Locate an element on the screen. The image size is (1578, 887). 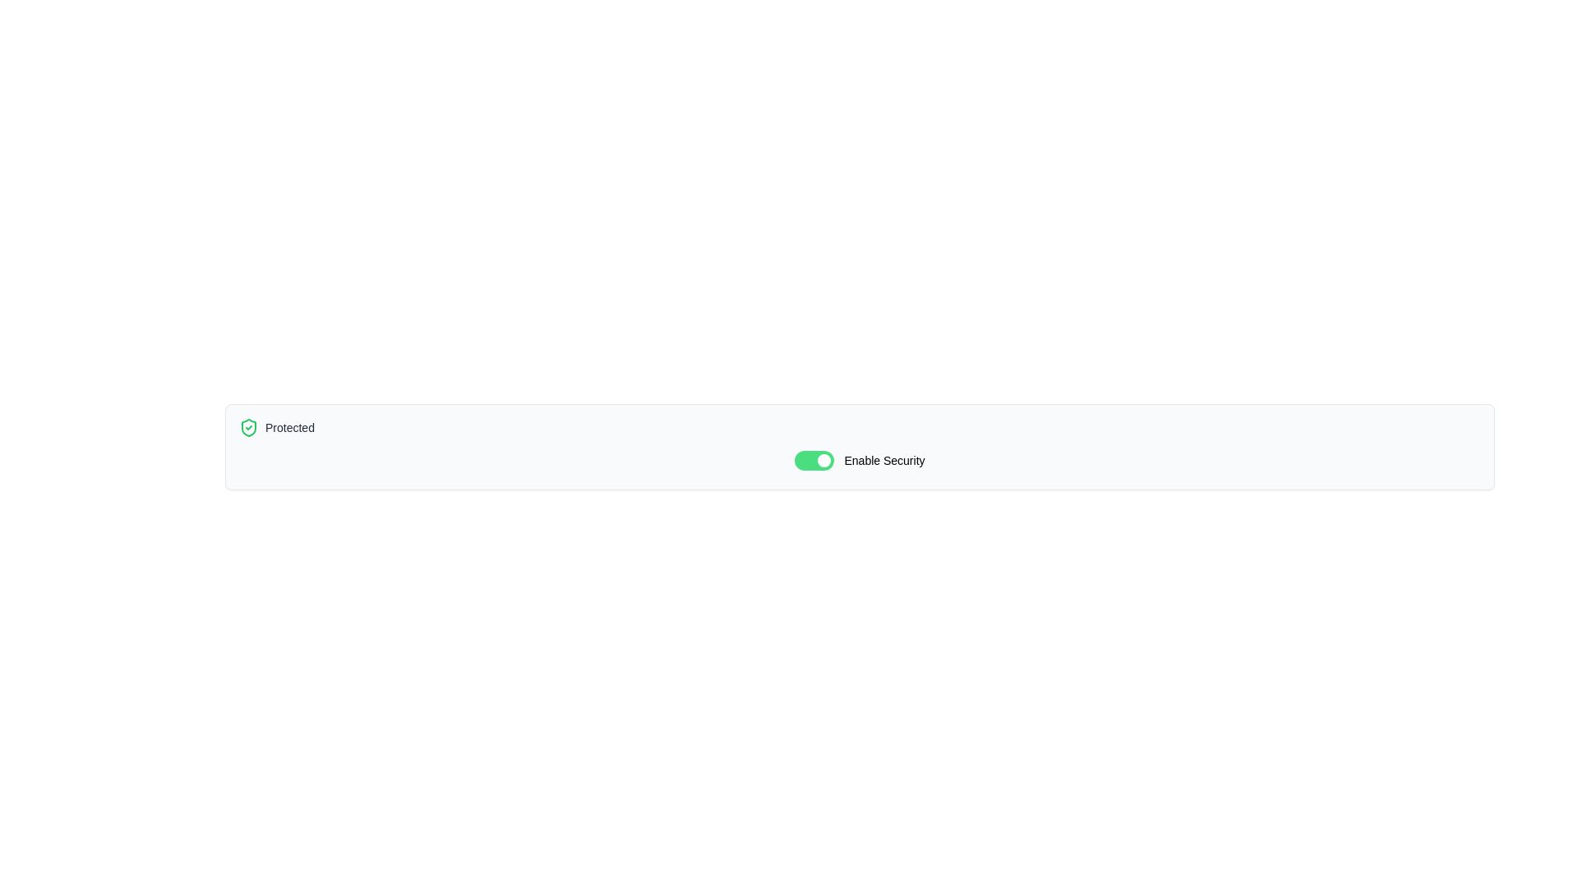
text label that displays 'Protected', located adjacent to a green shield icon in the upper left section of the interface is located at coordinates (289, 426).